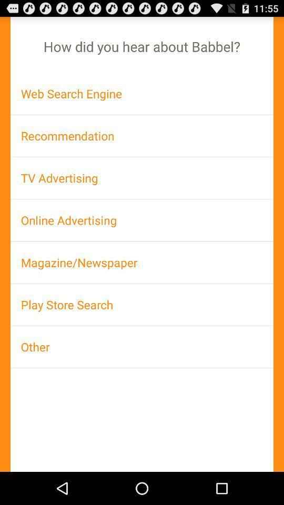 The height and width of the screenshot is (505, 284). I want to click on the item above magazine/newspaper item, so click(142, 219).